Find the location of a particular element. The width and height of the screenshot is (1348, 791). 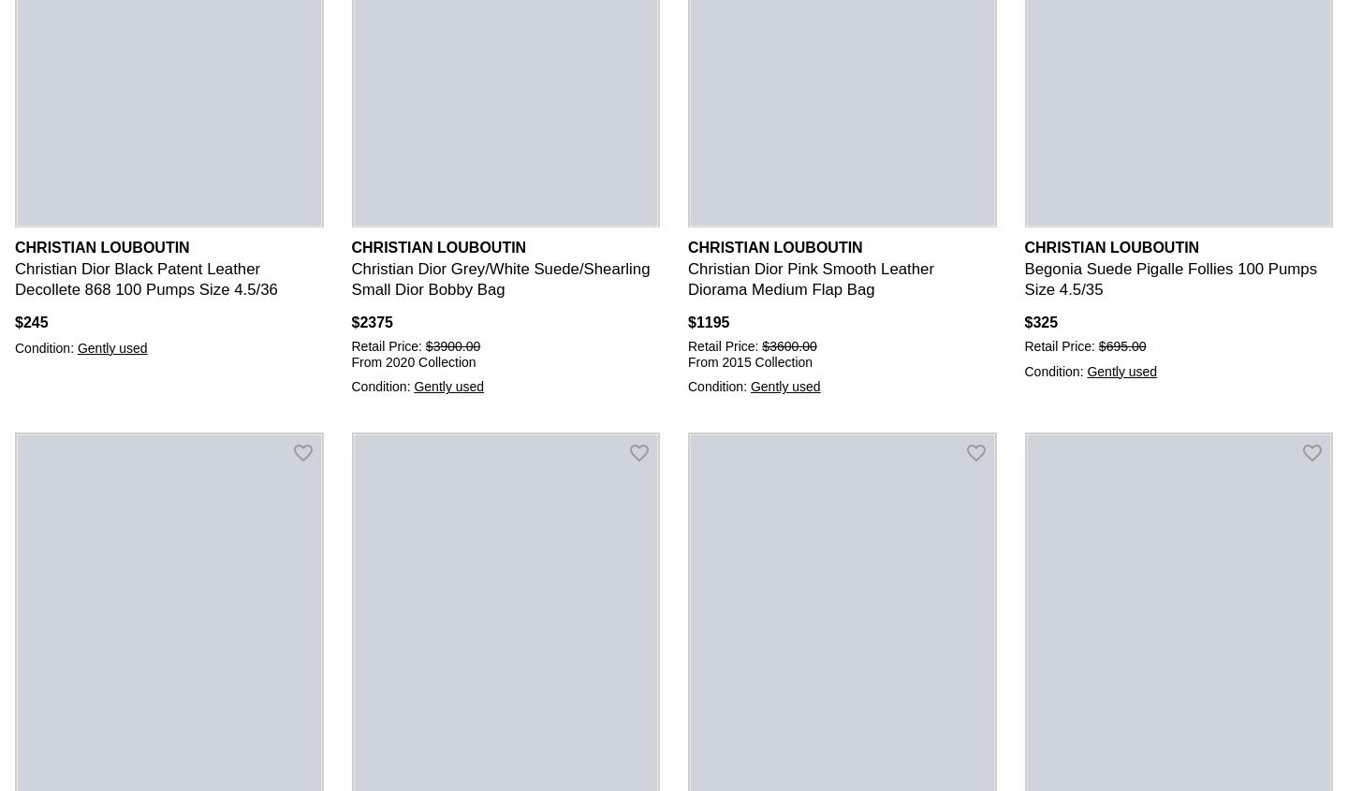

'$245' is located at coordinates (30, 320).